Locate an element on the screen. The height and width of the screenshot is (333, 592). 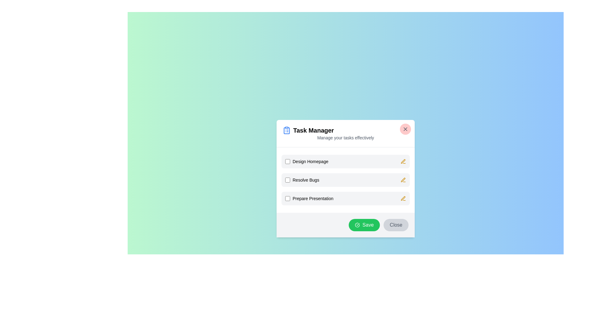
the save button located in the bottom-right area of the task management interface to observe the hover effect is located at coordinates (364, 225).